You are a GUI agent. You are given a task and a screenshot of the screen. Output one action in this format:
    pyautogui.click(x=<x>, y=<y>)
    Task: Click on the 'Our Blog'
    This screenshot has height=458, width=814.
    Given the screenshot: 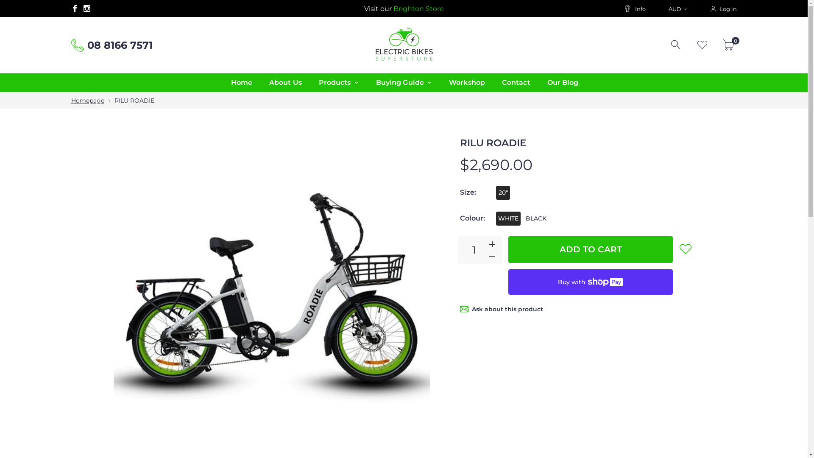 What is the action you would take?
    pyautogui.click(x=563, y=83)
    